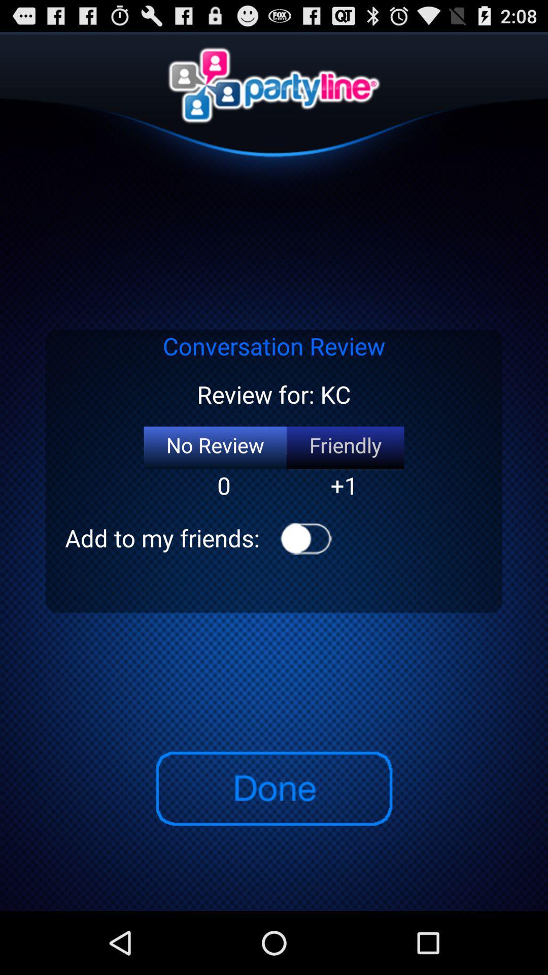 This screenshot has height=975, width=548. What do you see at coordinates (345, 447) in the screenshot?
I see `the icon next to no review item` at bounding box center [345, 447].